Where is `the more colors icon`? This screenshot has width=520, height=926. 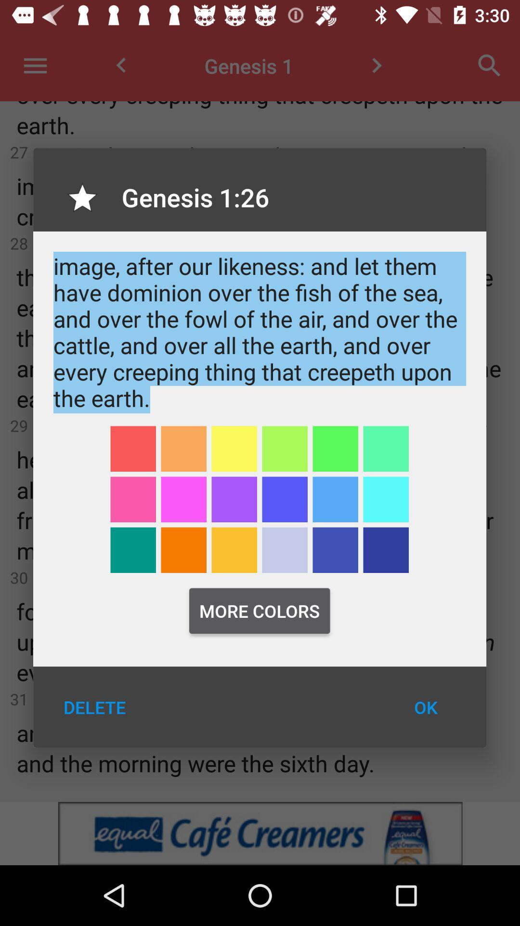
the more colors icon is located at coordinates (259, 610).